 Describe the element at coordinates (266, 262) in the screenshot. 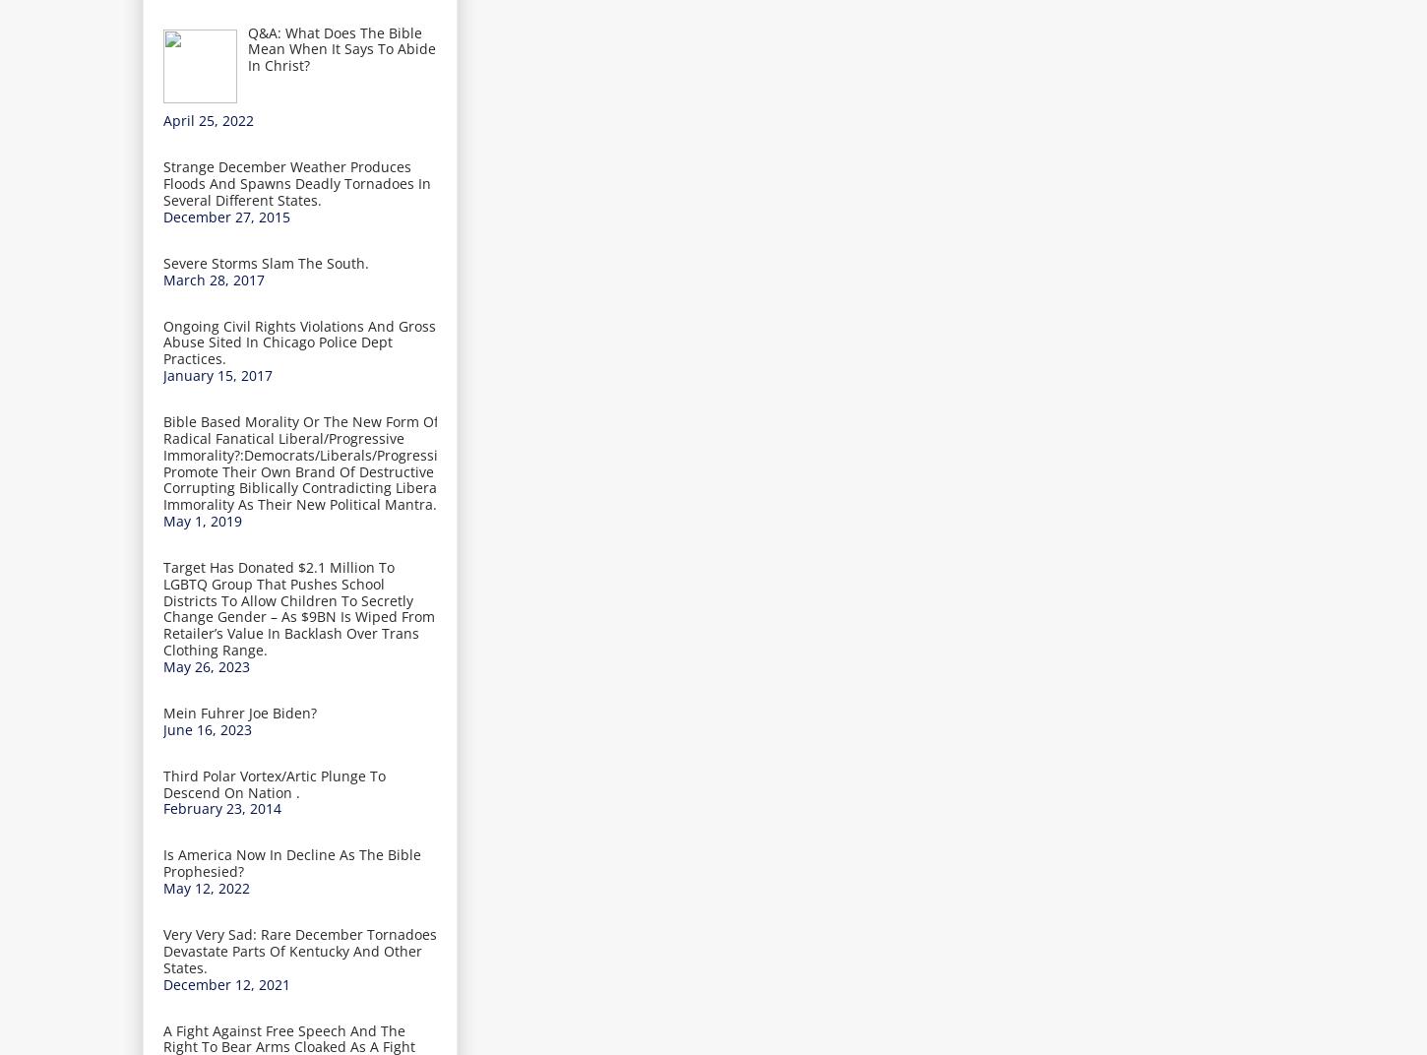

I see `'Severe Storms Slam The South.'` at that location.